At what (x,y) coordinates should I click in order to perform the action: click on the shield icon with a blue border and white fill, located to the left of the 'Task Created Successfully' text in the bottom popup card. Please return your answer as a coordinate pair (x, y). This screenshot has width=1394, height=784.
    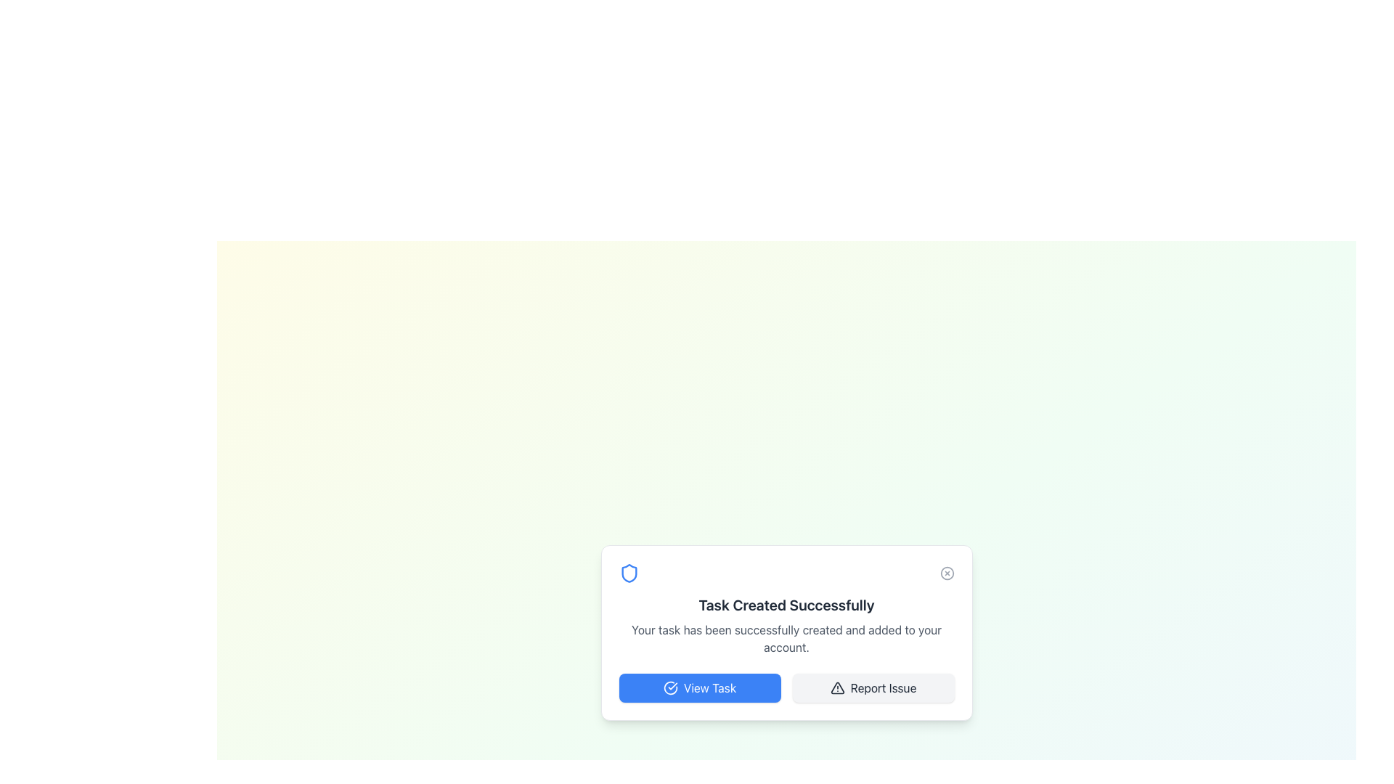
    Looking at the image, I should click on (629, 573).